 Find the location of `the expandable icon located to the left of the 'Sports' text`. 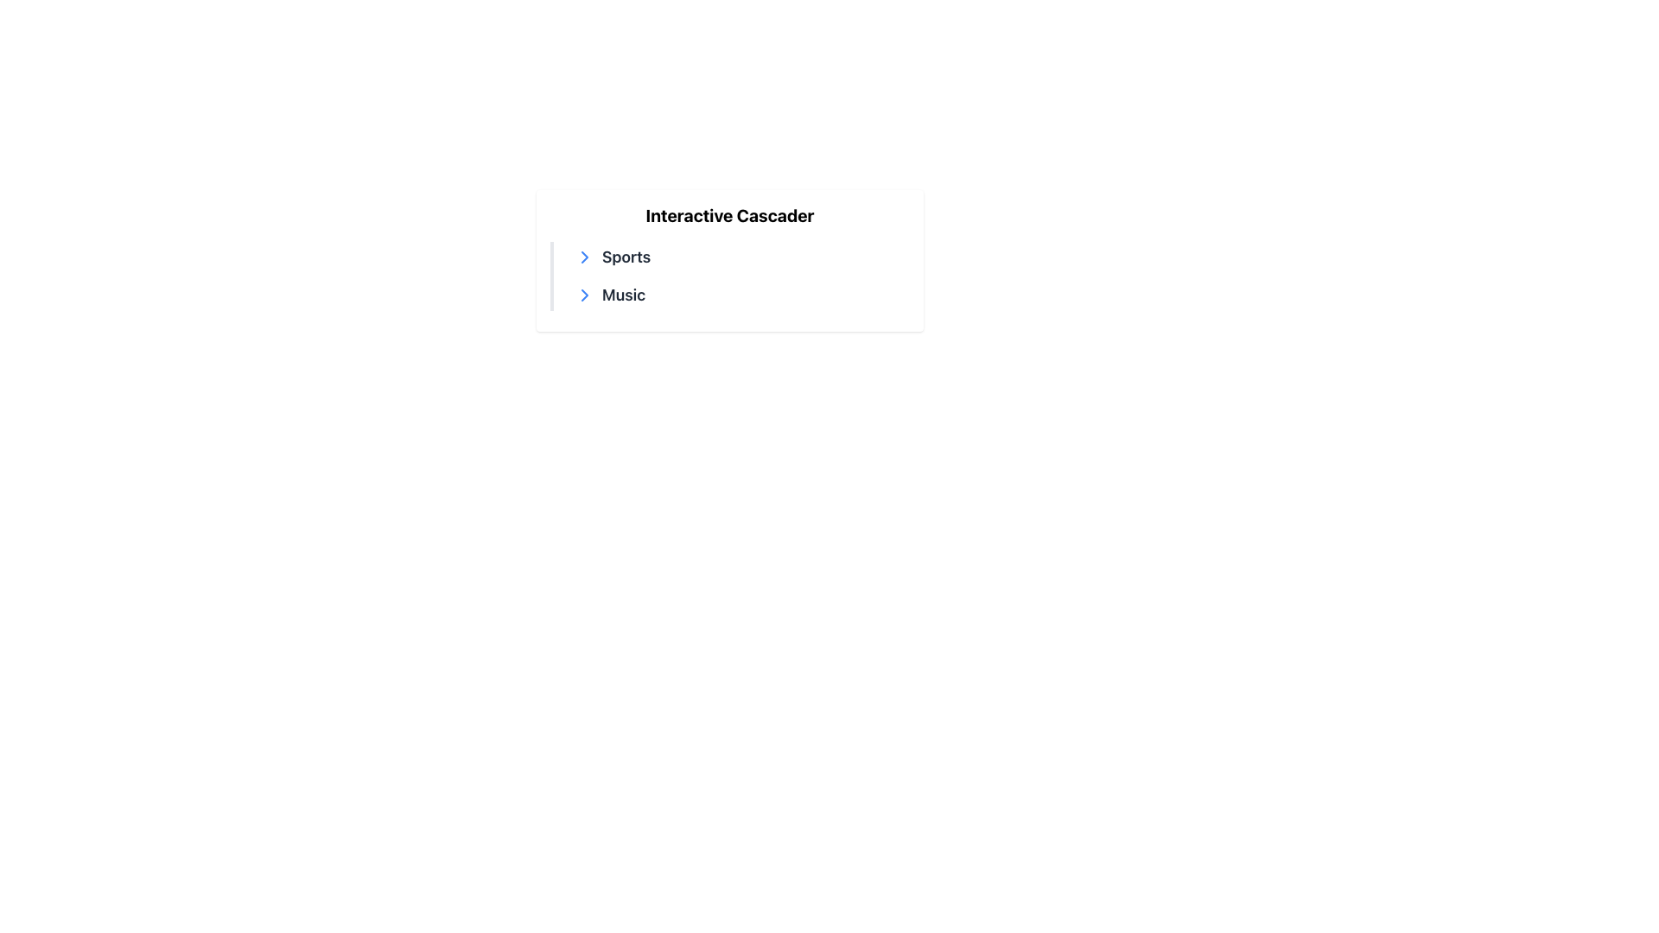

the expandable icon located to the left of the 'Sports' text is located at coordinates (584, 257).